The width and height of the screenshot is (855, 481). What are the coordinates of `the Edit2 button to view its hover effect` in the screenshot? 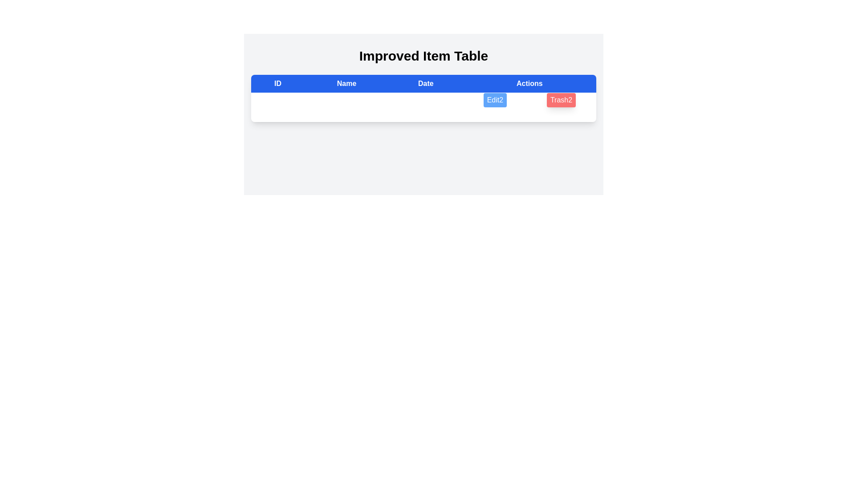 It's located at (494, 100).